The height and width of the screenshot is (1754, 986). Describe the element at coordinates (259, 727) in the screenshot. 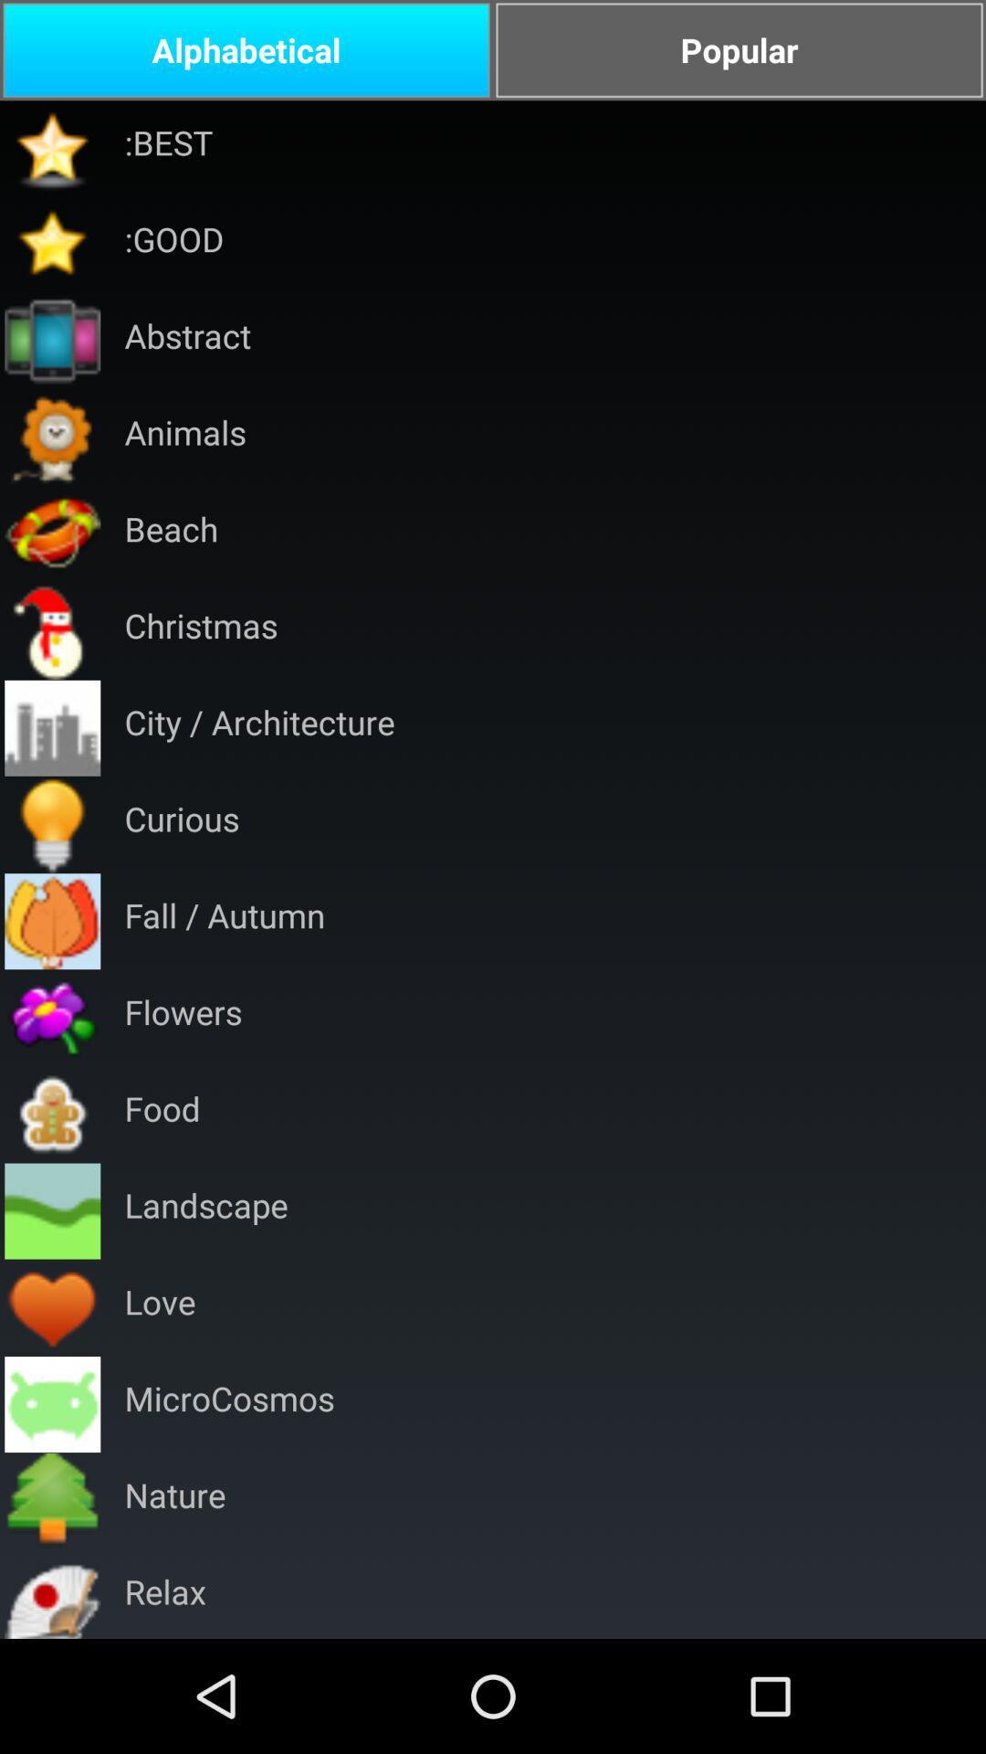

I see `the city / architecture` at that location.